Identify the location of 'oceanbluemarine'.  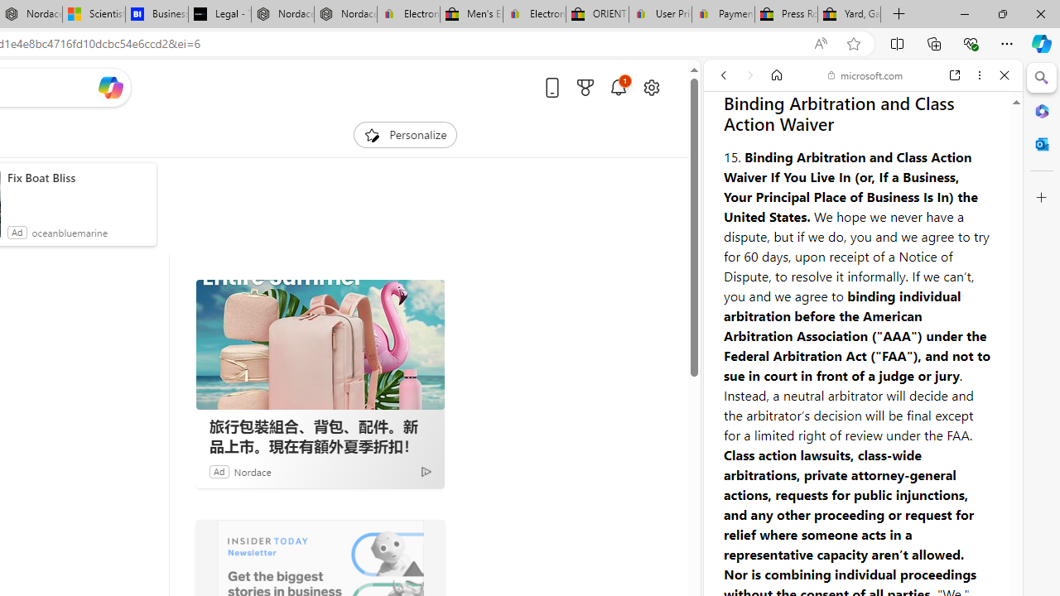
(69, 232).